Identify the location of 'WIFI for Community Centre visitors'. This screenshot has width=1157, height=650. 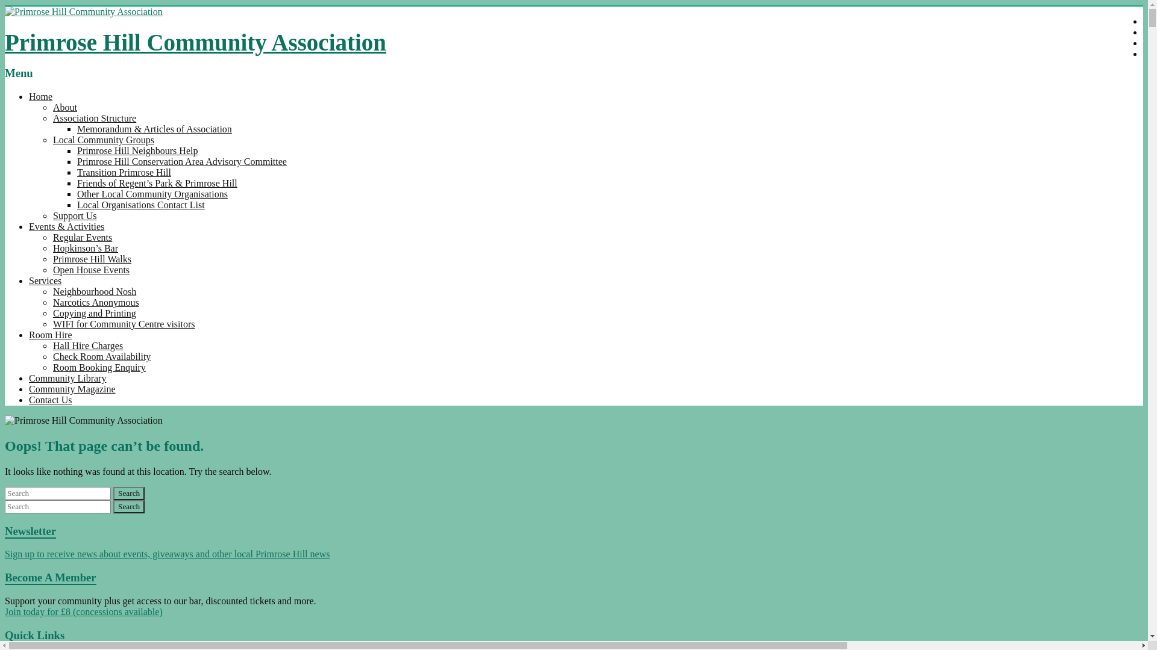
(124, 323).